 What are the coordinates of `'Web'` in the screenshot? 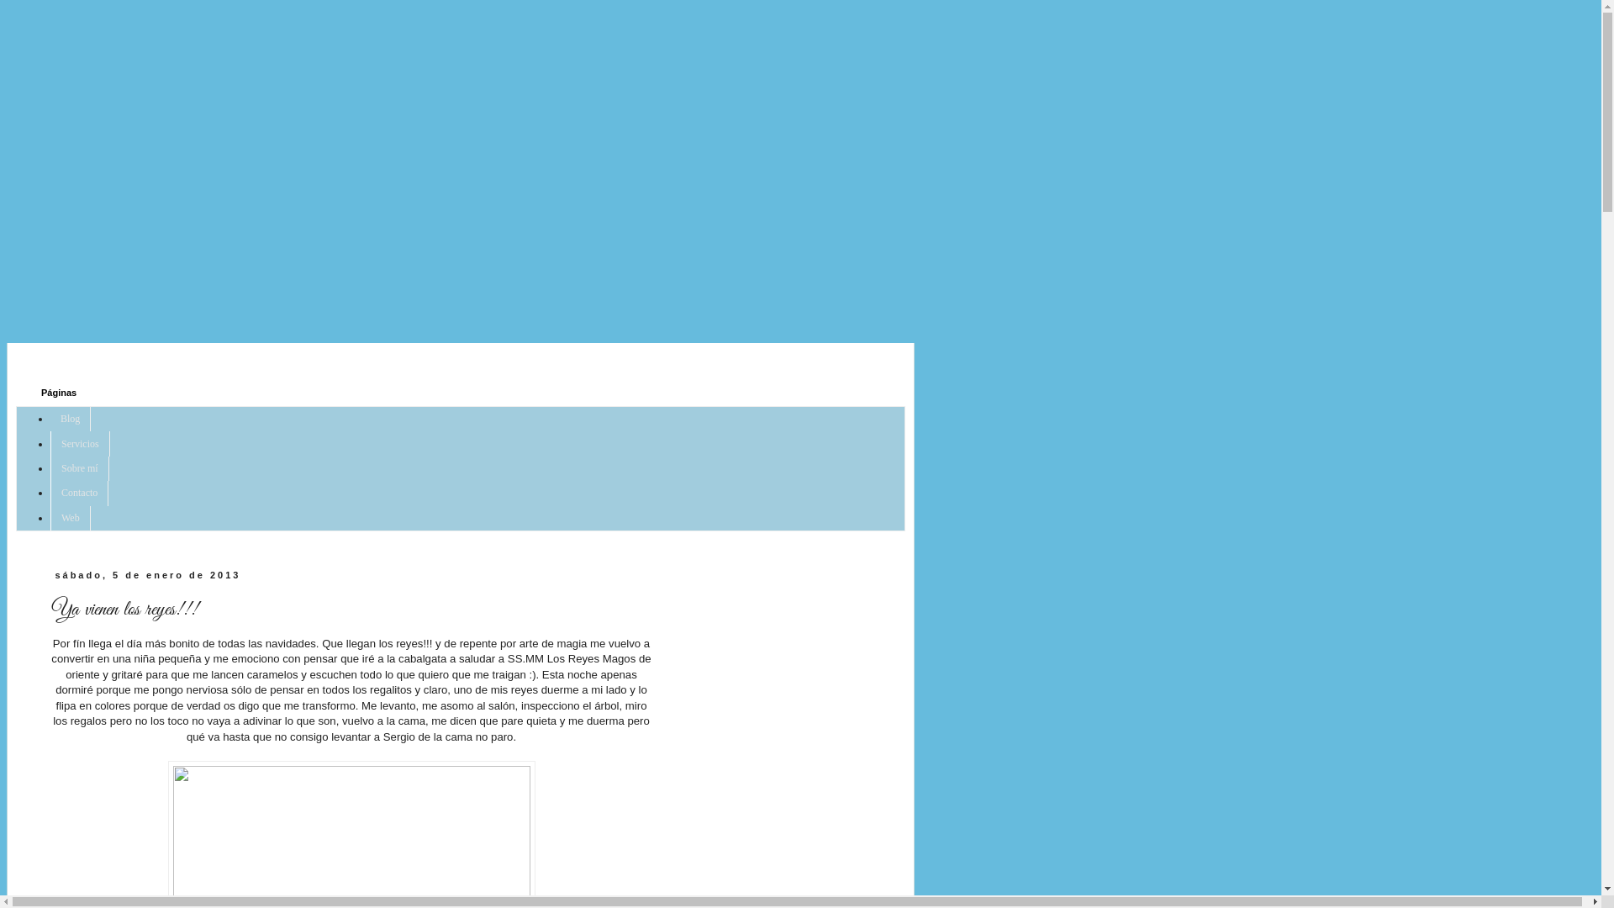 It's located at (69, 517).